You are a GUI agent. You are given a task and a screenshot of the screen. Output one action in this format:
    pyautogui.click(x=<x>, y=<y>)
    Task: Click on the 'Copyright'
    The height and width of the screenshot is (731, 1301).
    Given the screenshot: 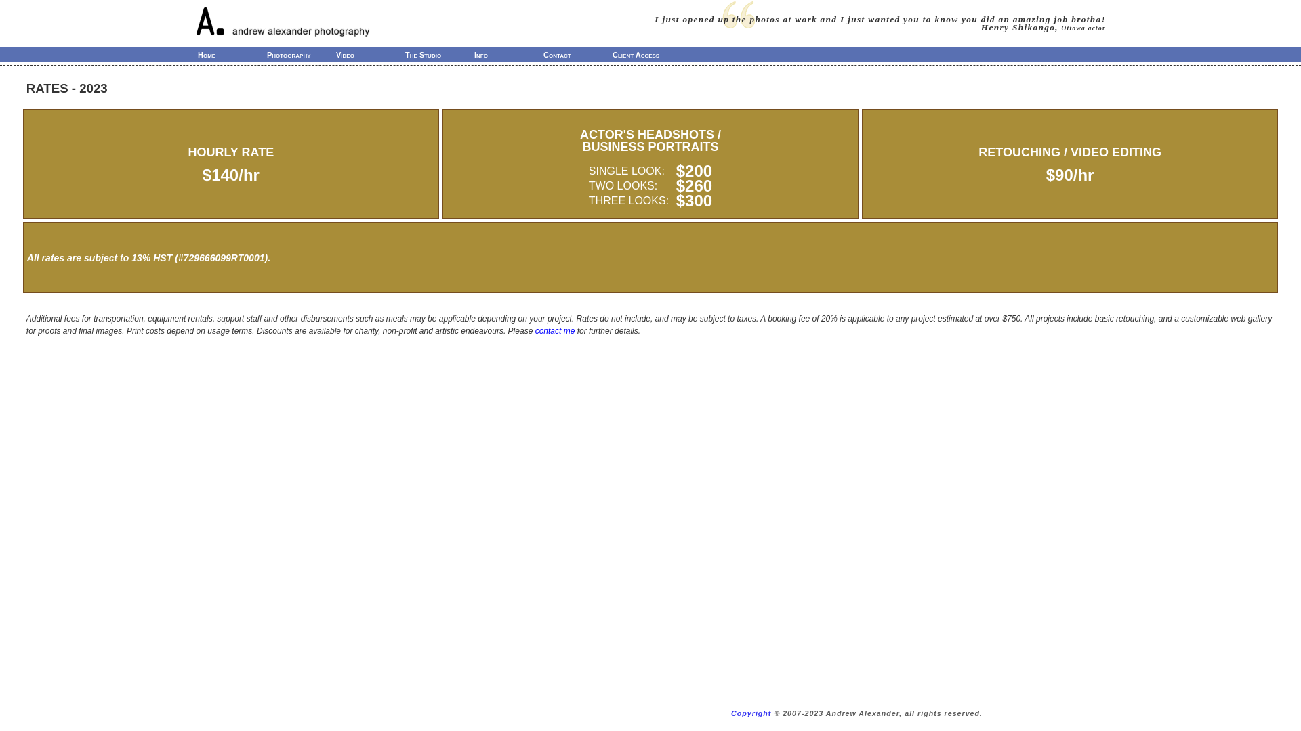 What is the action you would take?
    pyautogui.click(x=730, y=712)
    